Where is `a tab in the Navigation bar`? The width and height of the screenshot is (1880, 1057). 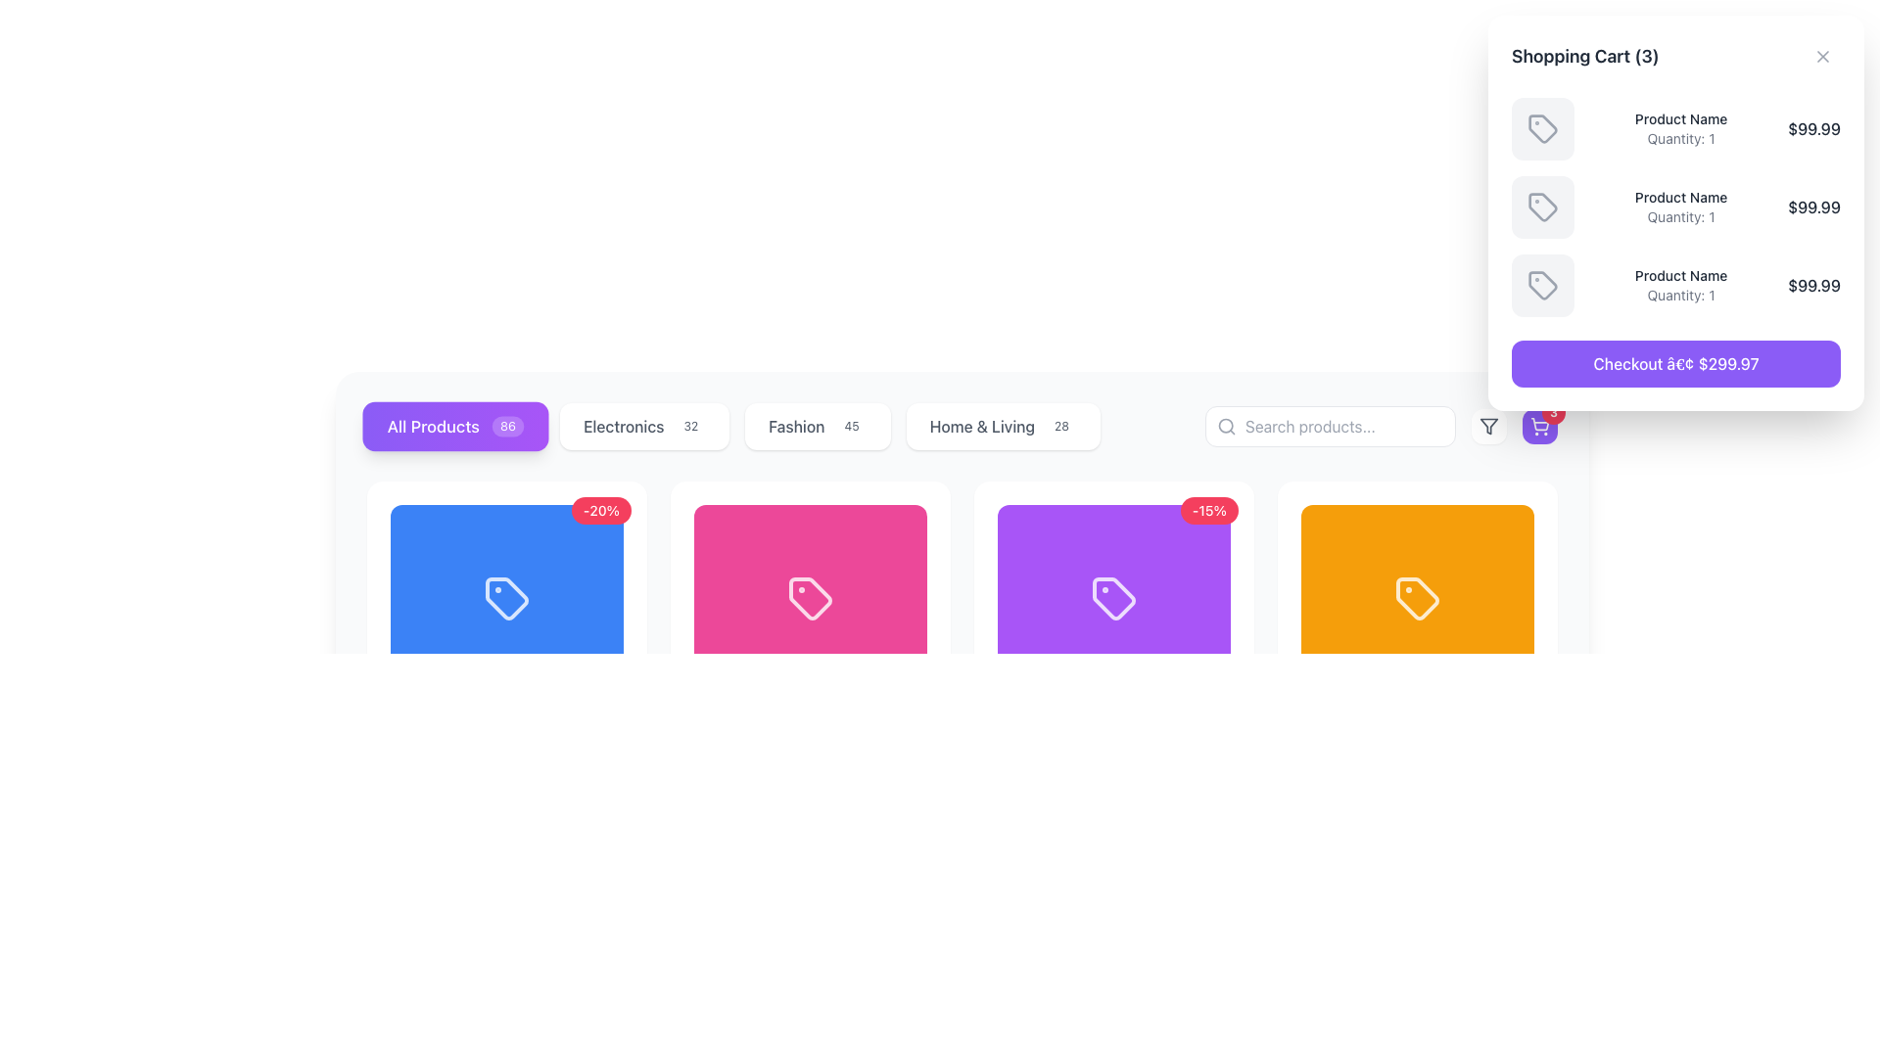
a tab in the Navigation bar is located at coordinates (963, 425).